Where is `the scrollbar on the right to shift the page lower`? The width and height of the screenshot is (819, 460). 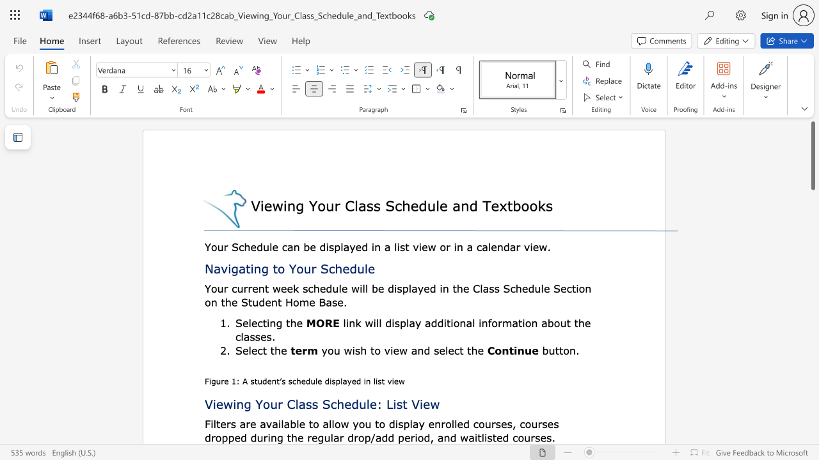 the scrollbar on the right to shift the page lower is located at coordinates (812, 236).